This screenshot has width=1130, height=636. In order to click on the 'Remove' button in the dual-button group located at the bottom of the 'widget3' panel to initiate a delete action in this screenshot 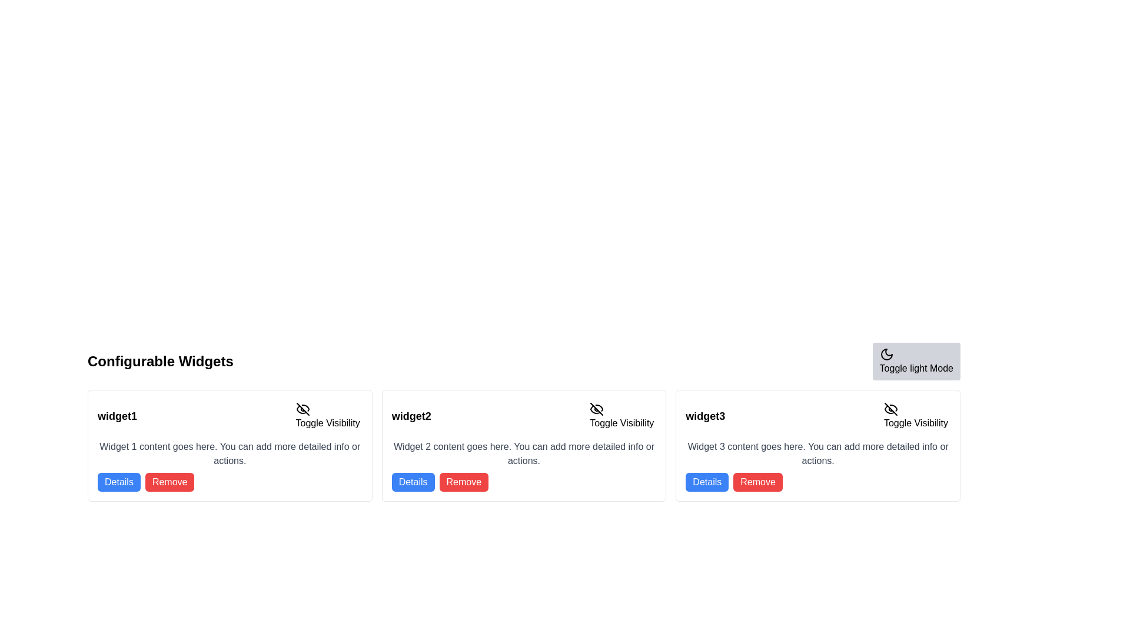, I will do `click(817, 482)`.